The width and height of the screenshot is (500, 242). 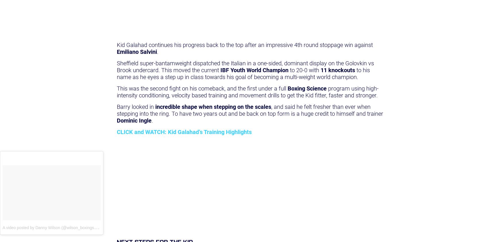 What do you see at coordinates (137, 51) in the screenshot?
I see `'Emiliano Salvini'` at bounding box center [137, 51].